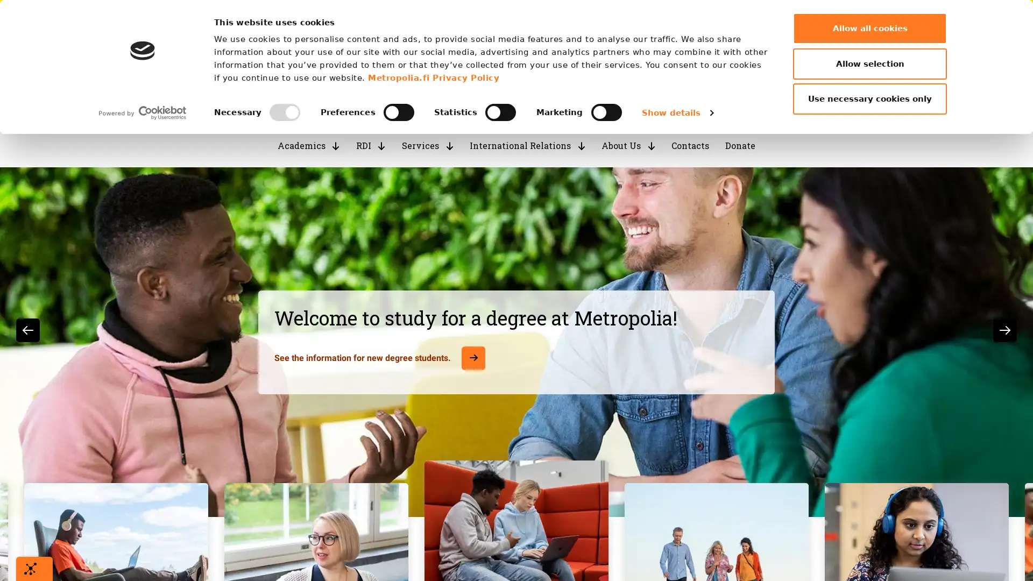  What do you see at coordinates (28, 329) in the screenshot?
I see `Previous` at bounding box center [28, 329].